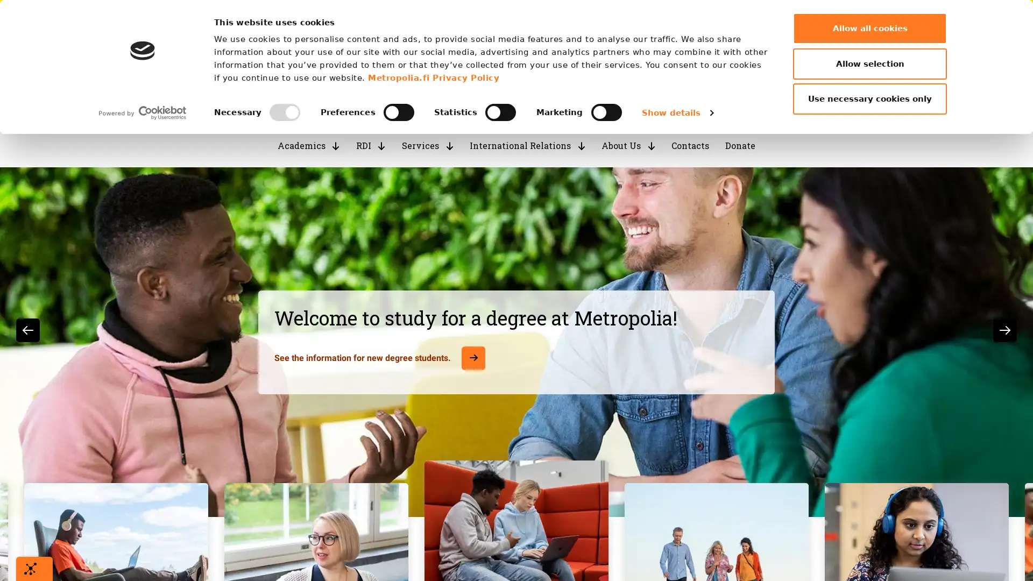  What do you see at coordinates (28, 329) in the screenshot?
I see `Previous` at bounding box center [28, 329].